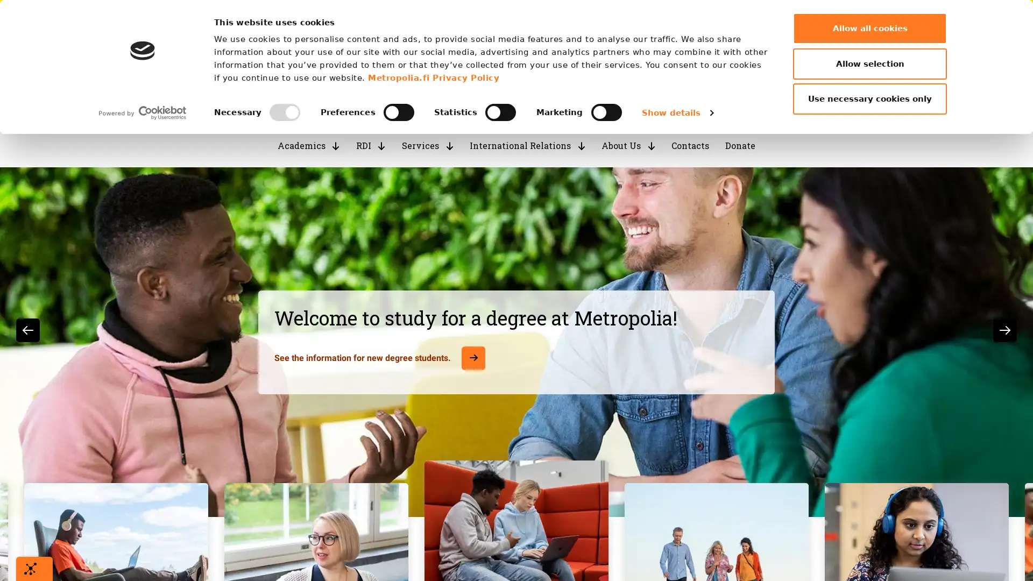  What do you see at coordinates (28, 329) in the screenshot?
I see `Previous` at bounding box center [28, 329].